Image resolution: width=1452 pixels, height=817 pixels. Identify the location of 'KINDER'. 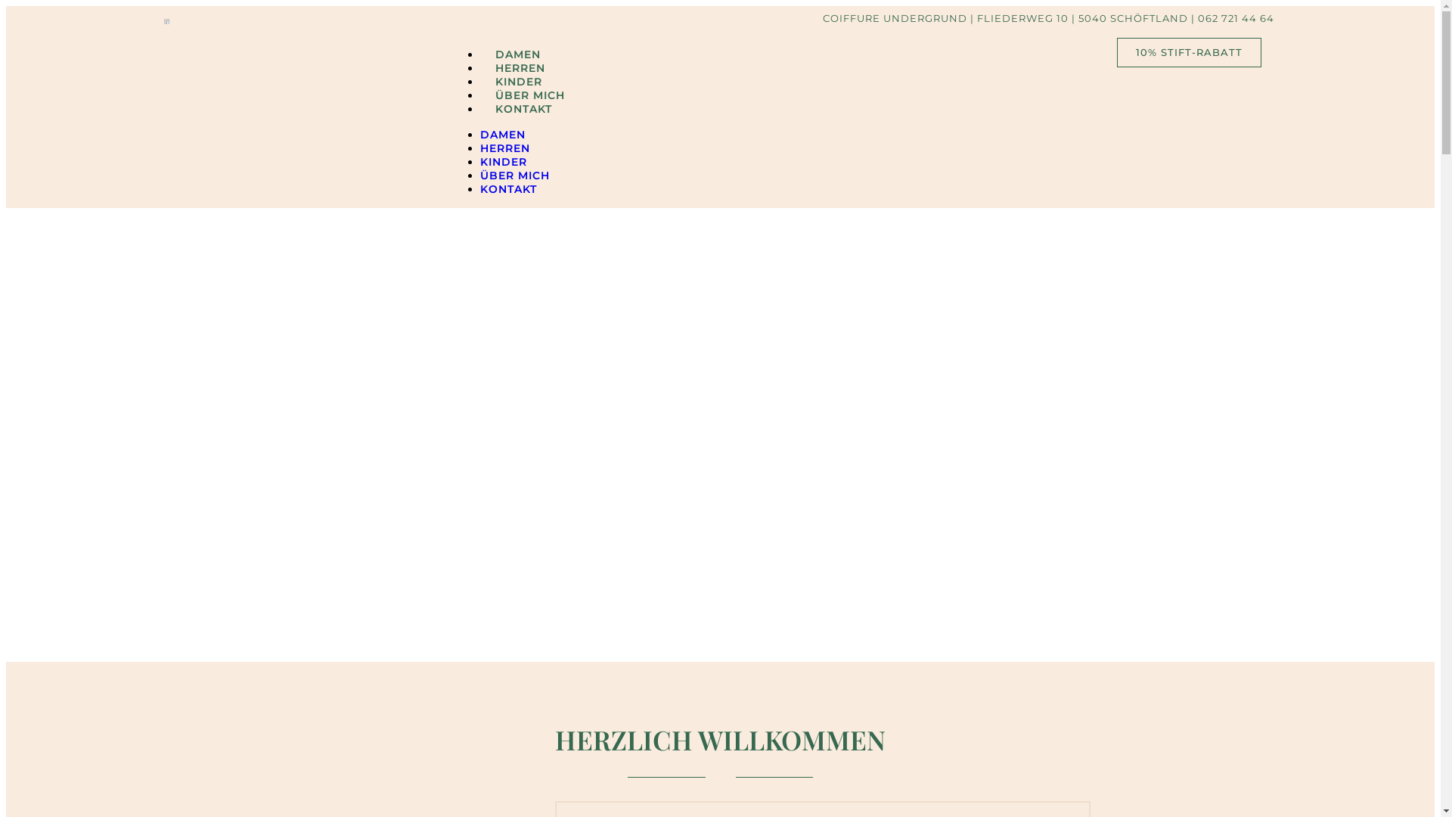
(504, 161).